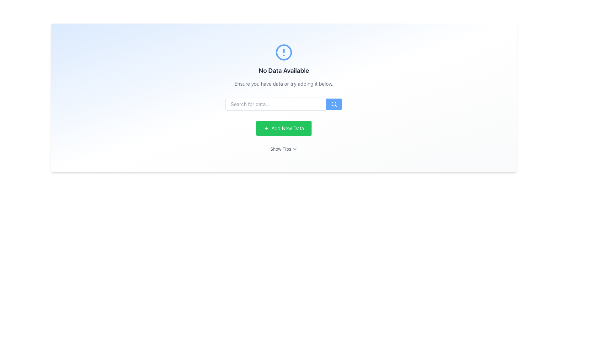  Describe the element at coordinates (283, 52) in the screenshot. I see `the blue-bordered circular alert icon that indicates 'No Data Available' by moving the cursor to its center` at that location.